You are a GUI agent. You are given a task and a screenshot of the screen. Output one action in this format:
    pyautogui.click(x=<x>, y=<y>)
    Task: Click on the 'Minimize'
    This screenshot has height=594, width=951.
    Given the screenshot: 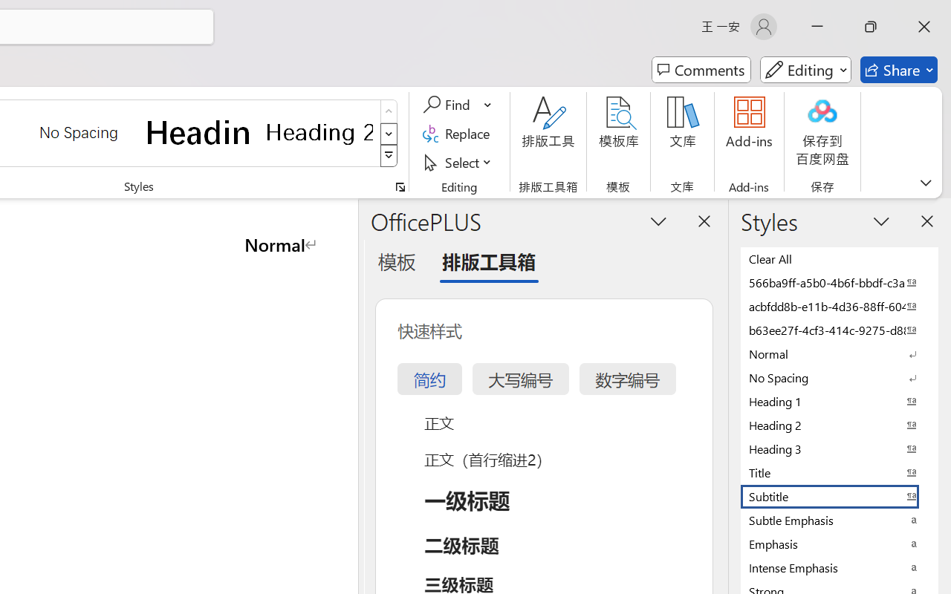 What is the action you would take?
    pyautogui.click(x=817, y=26)
    